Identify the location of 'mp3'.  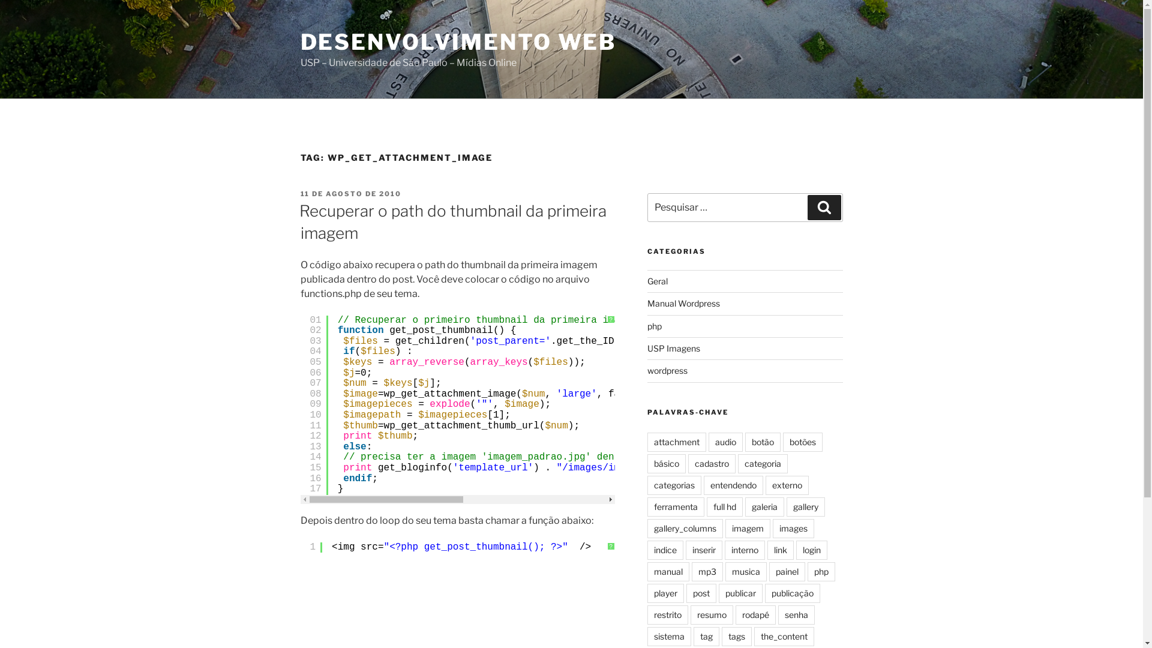
(707, 571).